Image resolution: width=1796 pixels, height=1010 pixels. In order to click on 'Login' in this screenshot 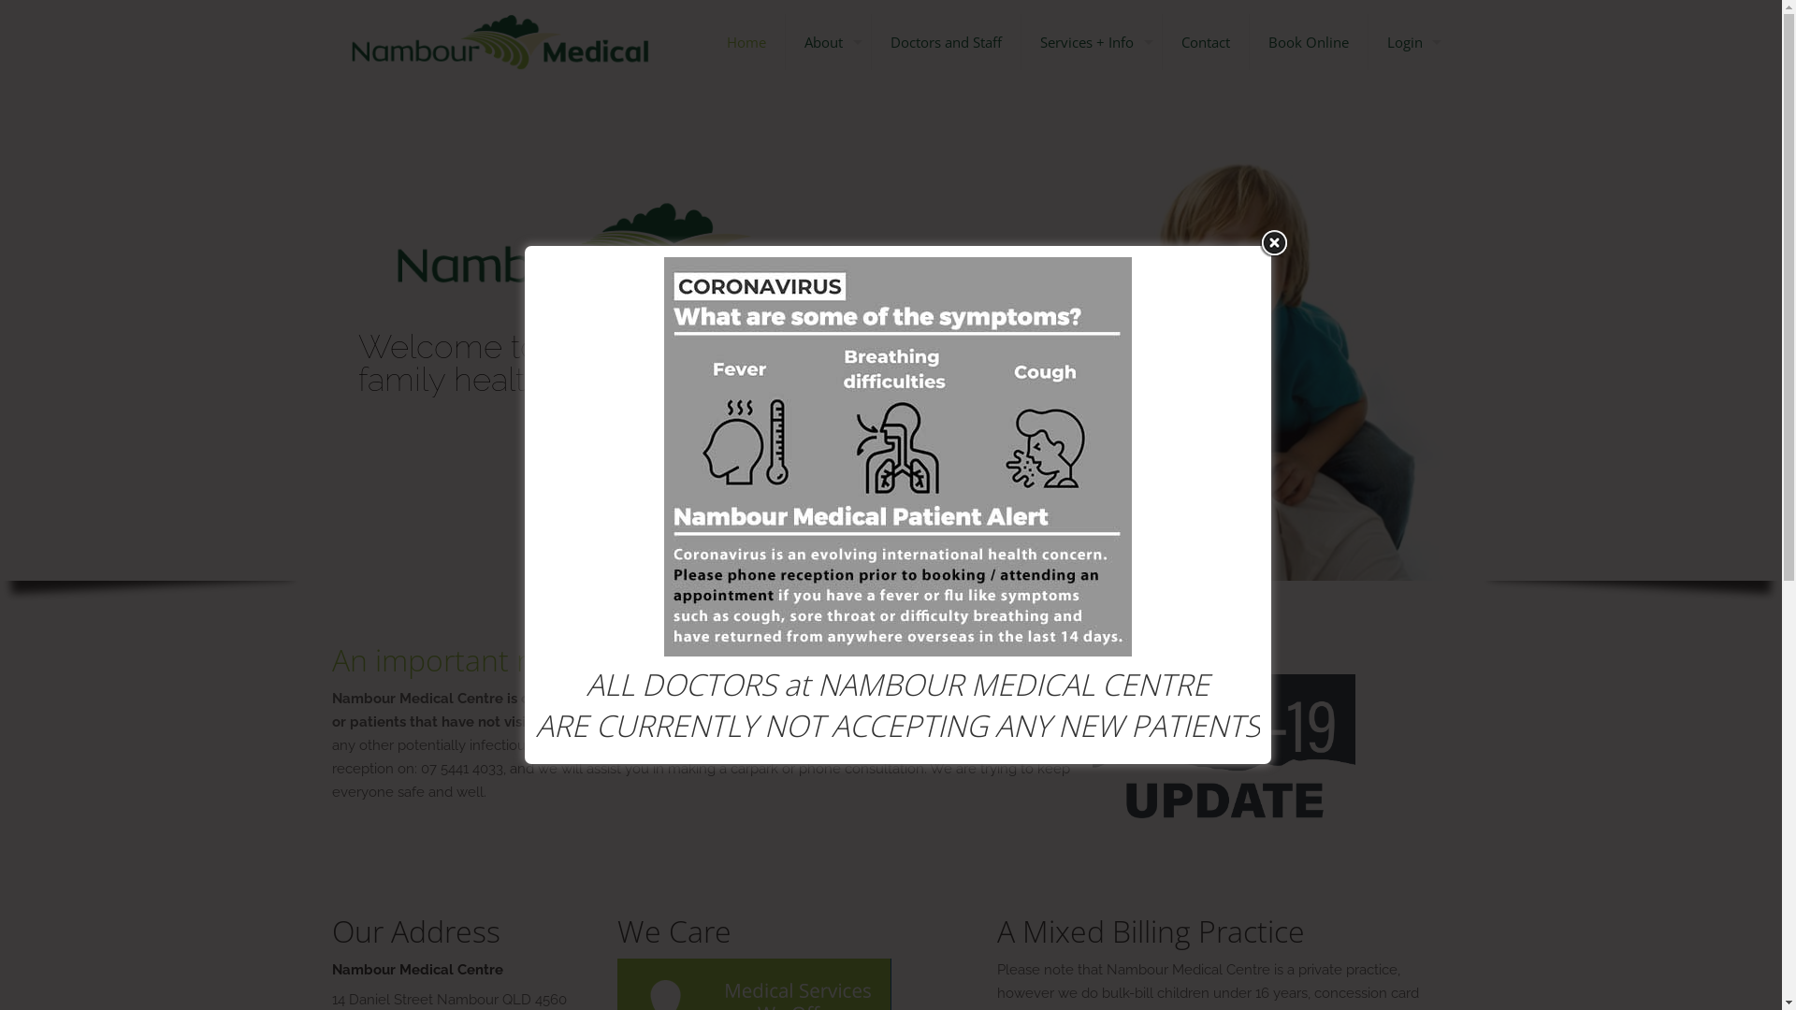, I will do `click(1409, 42)`.